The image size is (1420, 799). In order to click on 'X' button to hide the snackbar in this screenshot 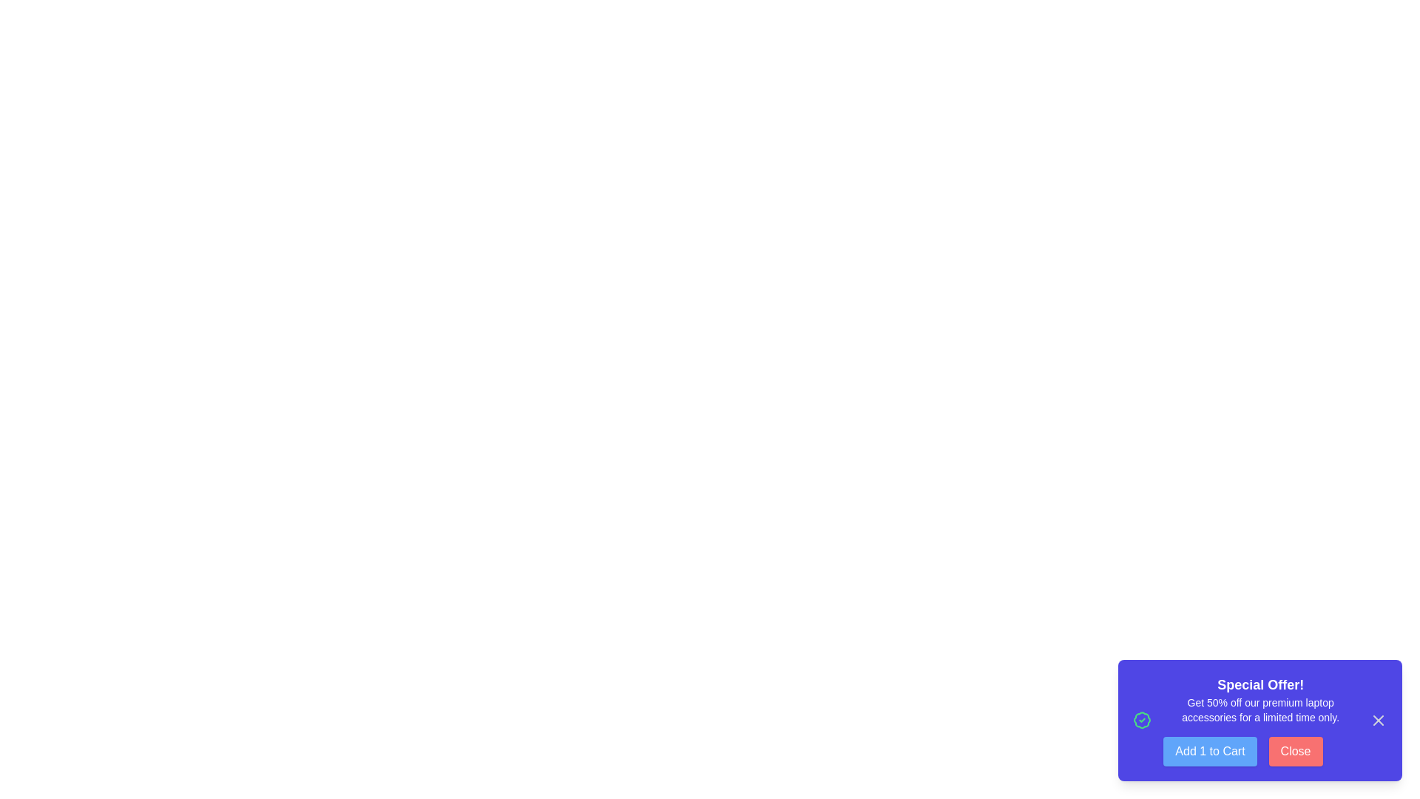, I will do `click(1377, 720)`.